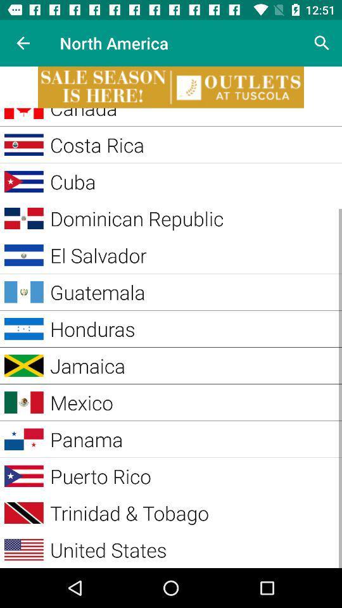 The image size is (342, 608). I want to click on the symbol beside dominican republic, so click(24, 218).